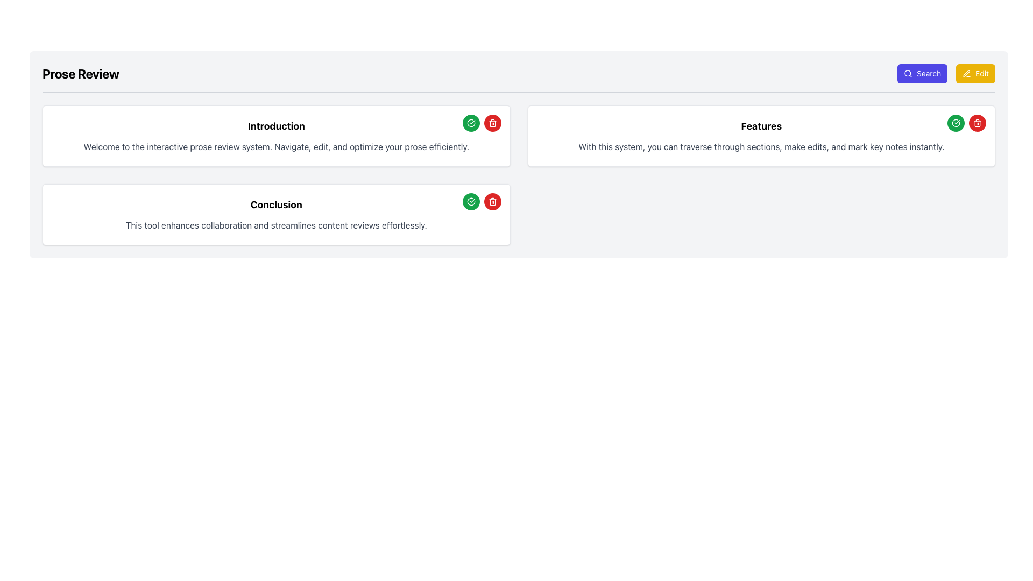 This screenshot has width=1033, height=581. I want to click on the confirmation button located in the top-right area of the 'Features' section for keyboard navigation, so click(956, 122).